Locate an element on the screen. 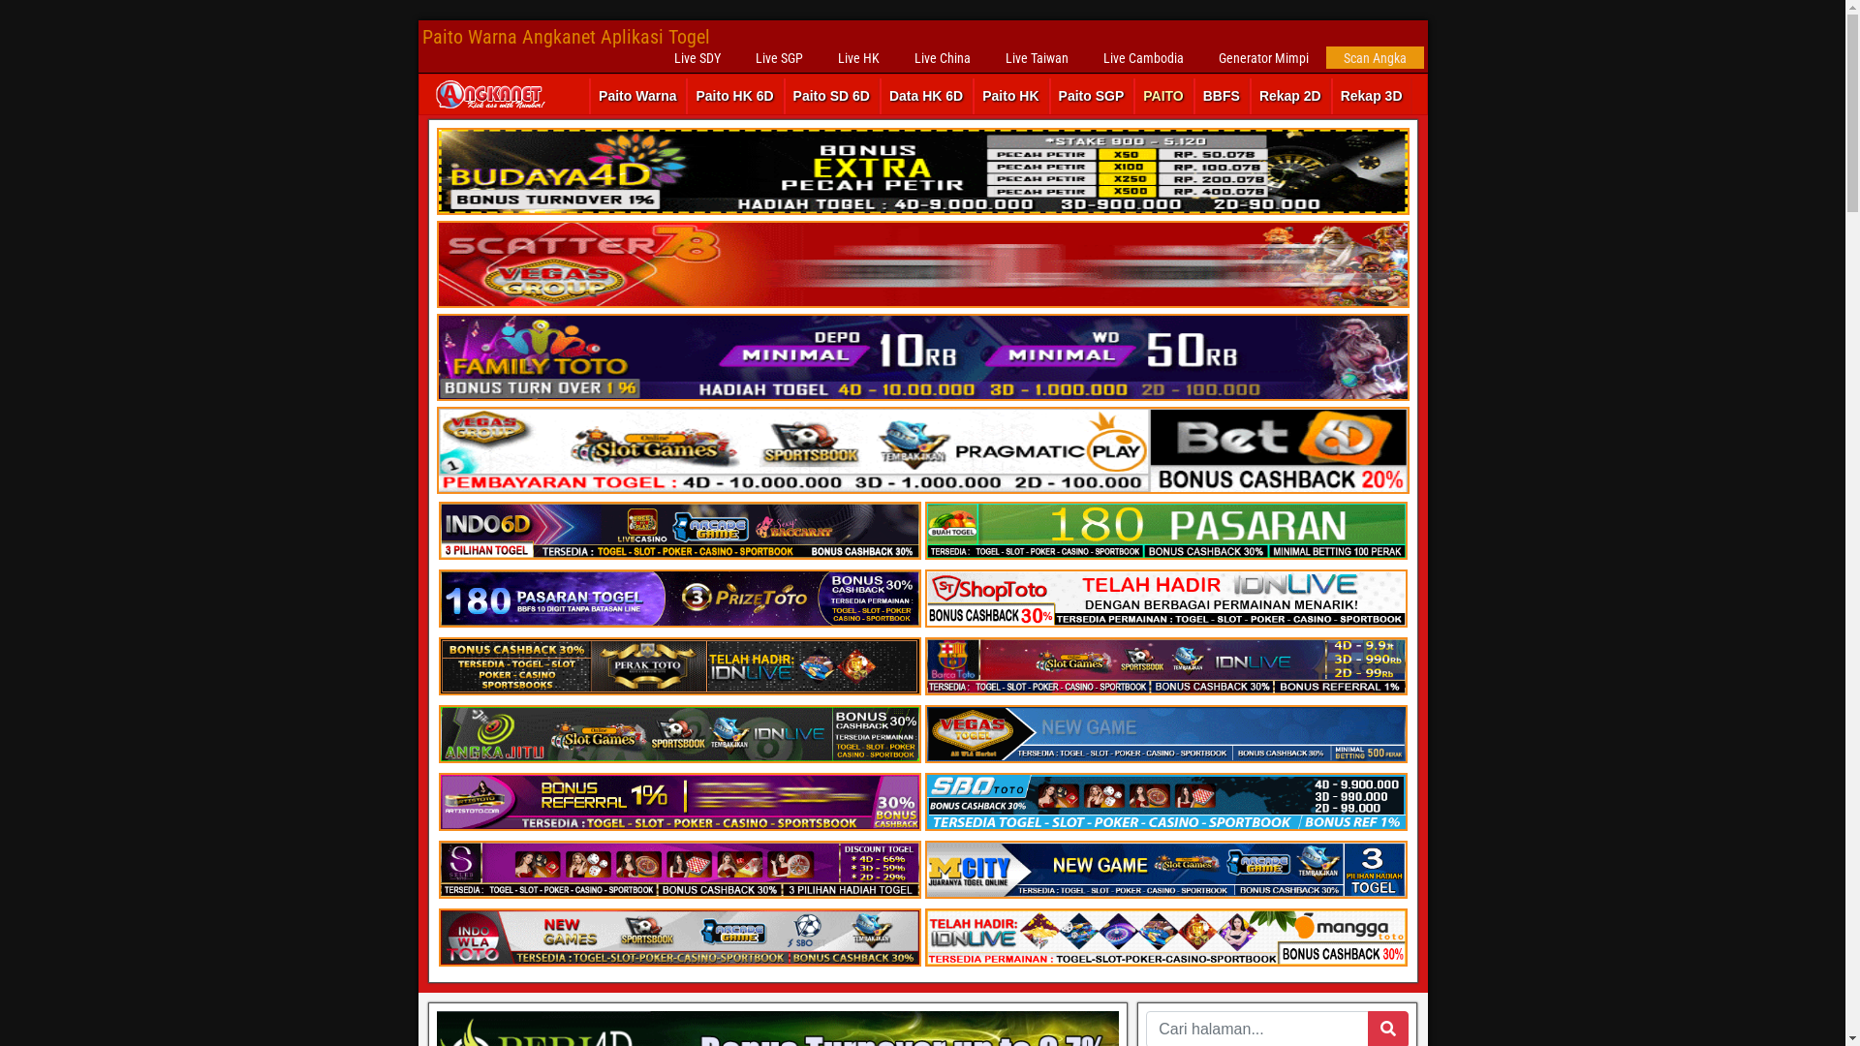 This screenshot has width=1860, height=1046. 'Live China' is located at coordinates (943, 57).